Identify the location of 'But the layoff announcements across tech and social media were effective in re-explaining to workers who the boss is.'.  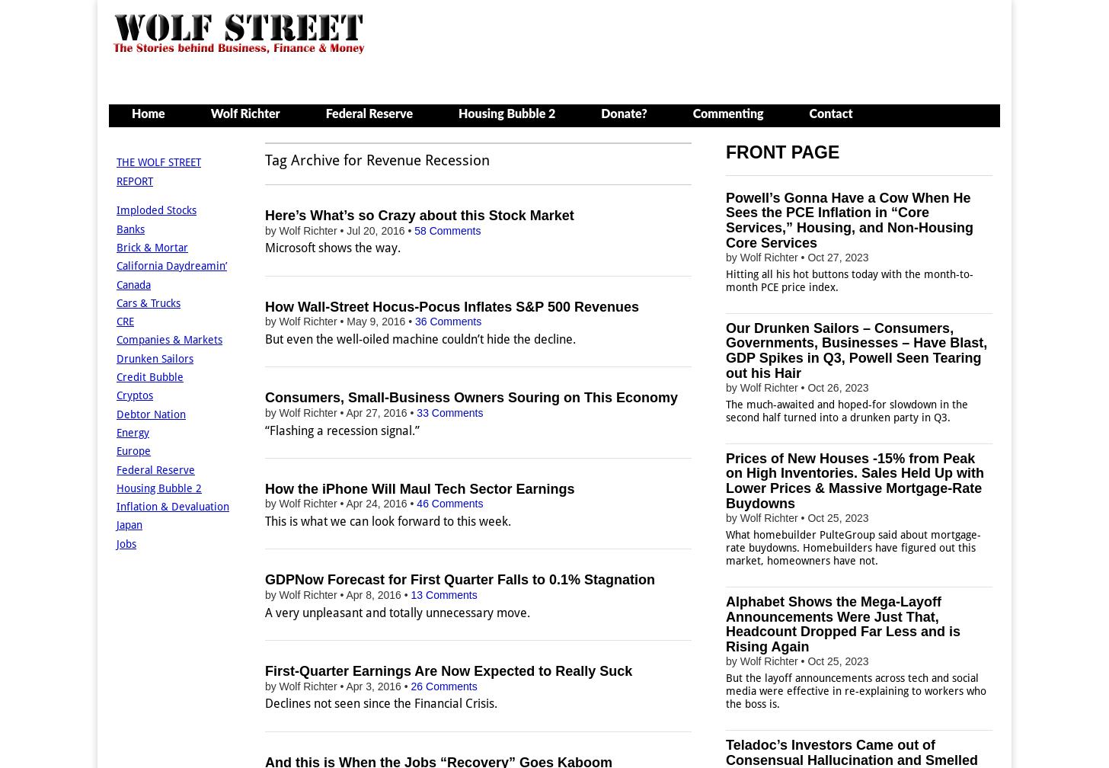
(856, 690).